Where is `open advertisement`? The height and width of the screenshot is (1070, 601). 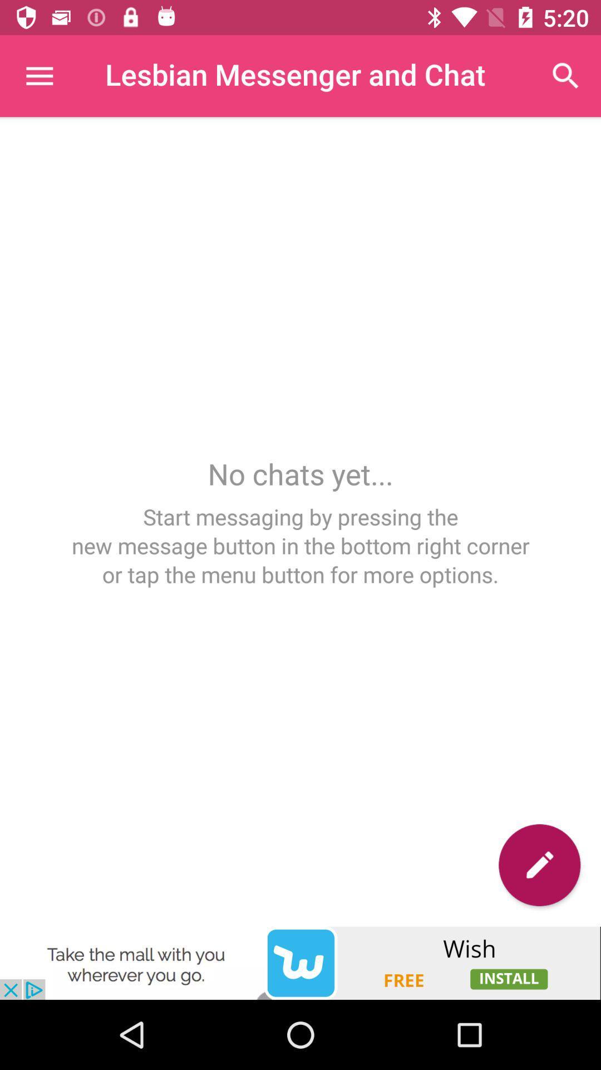
open advertisement is located at coordinates (300, 962).